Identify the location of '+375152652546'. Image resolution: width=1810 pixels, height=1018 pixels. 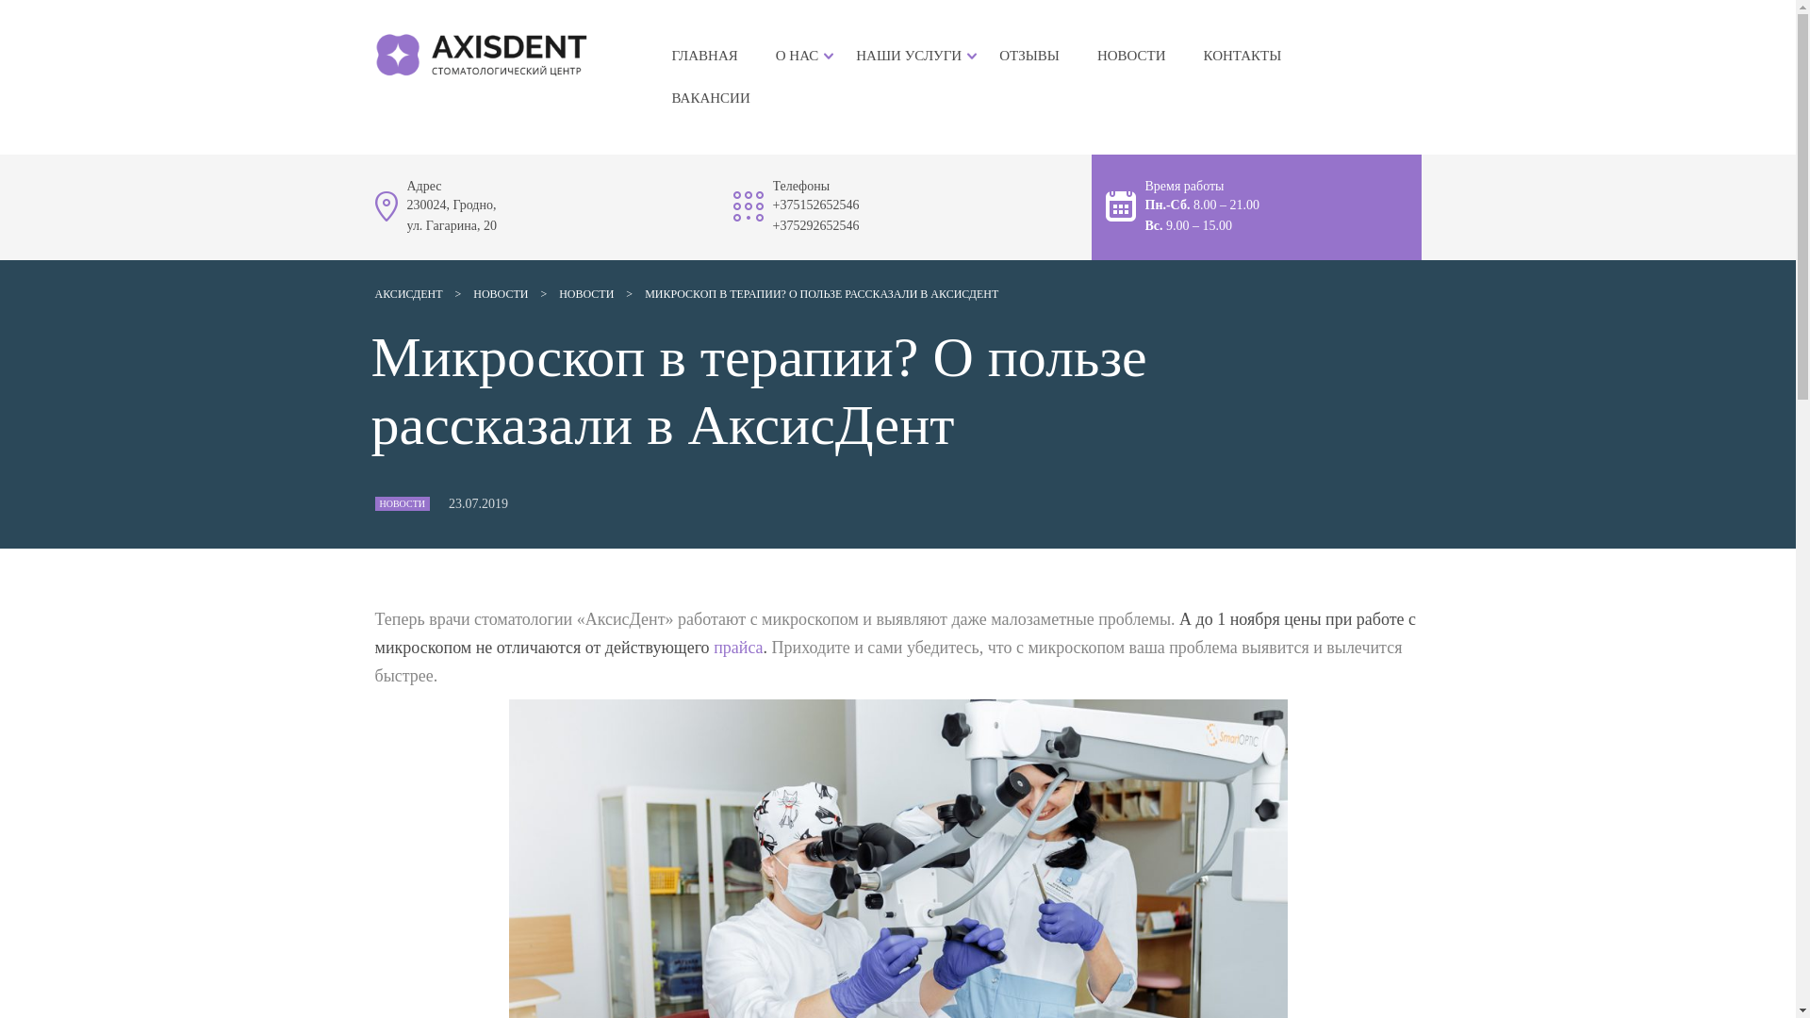
(773, 205).